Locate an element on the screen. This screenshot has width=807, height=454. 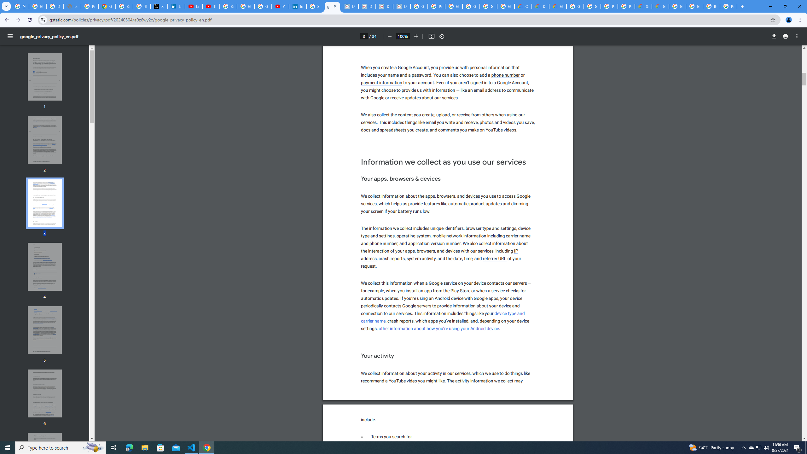
'Gemini for Business and Developers | Google Cloud' is located at coordinates (557, 6).